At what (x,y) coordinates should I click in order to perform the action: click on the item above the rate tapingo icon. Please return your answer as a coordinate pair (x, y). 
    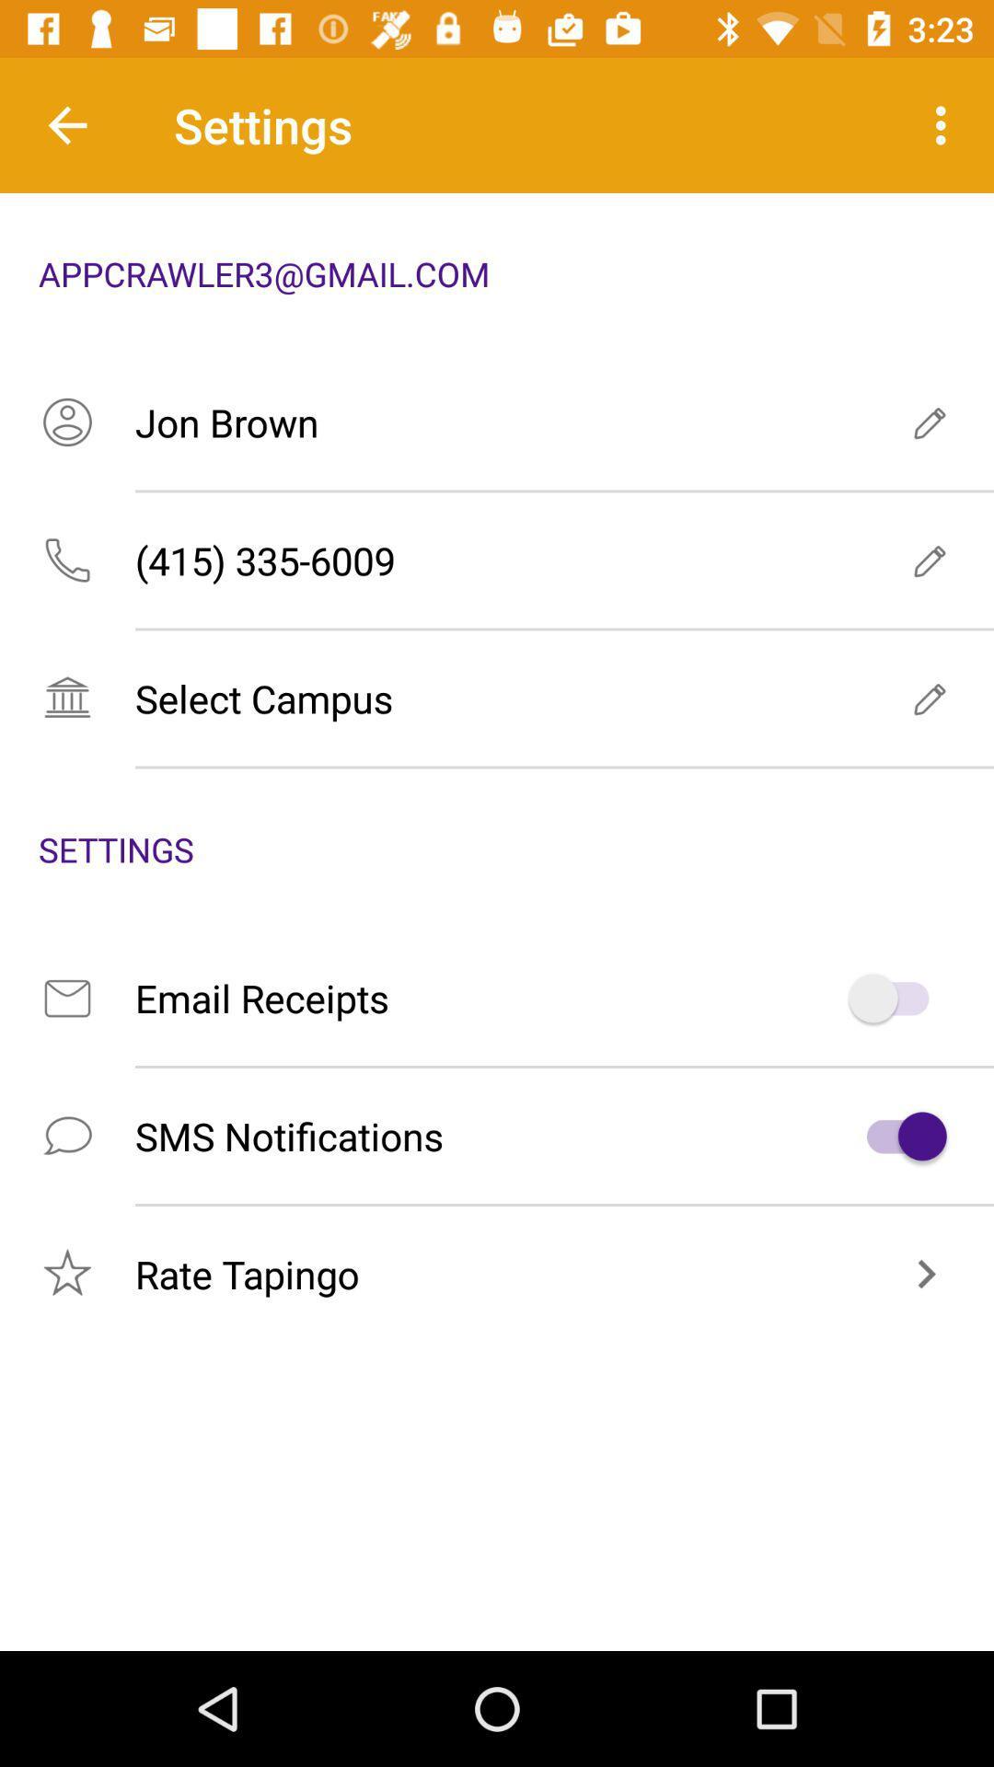
    Looking at the image, I should click on (497, 1135).